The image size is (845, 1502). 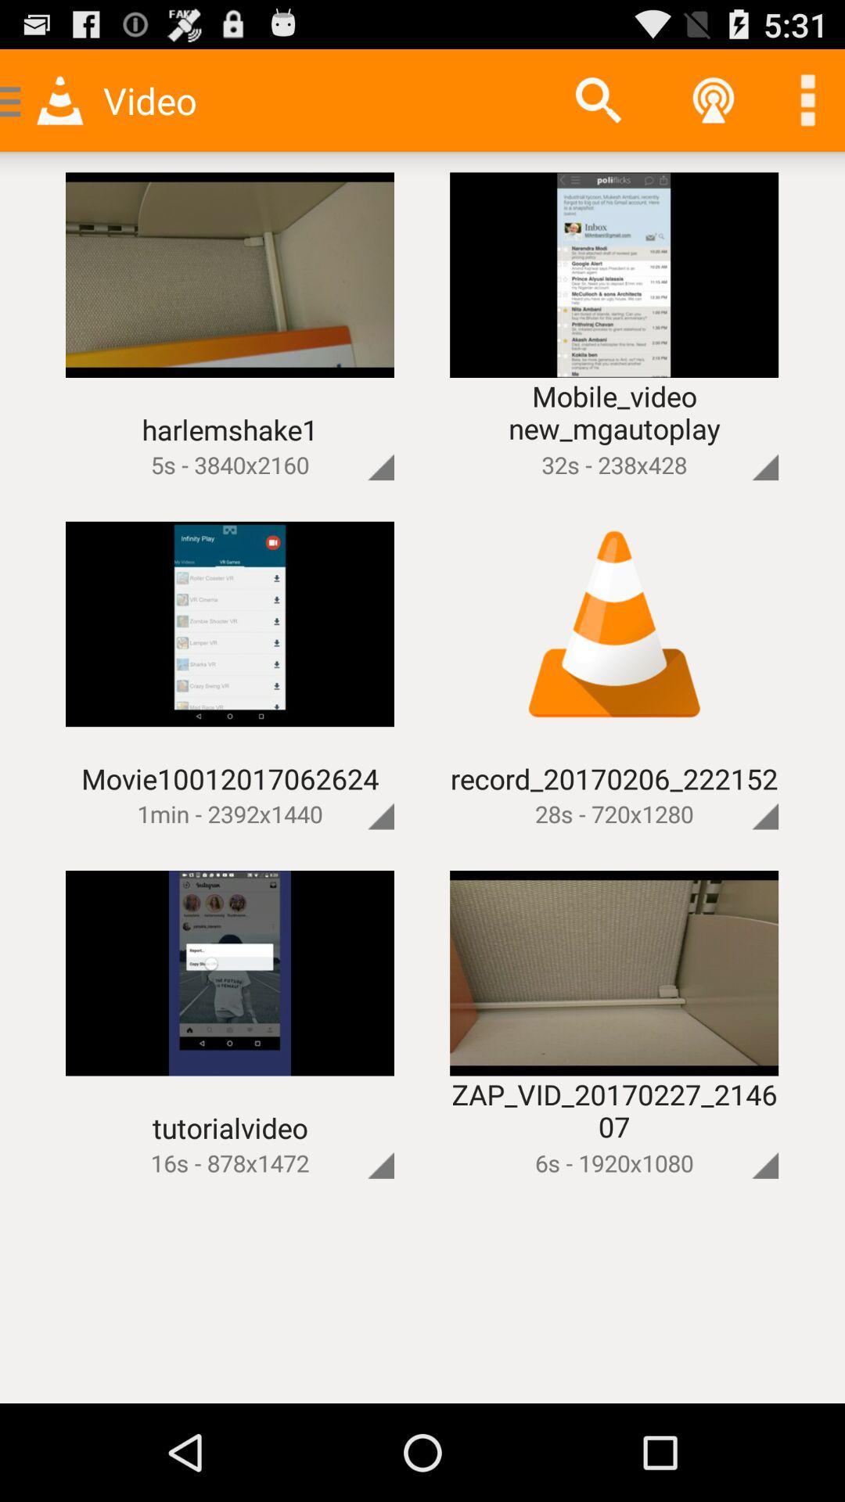 I want to click on open video, so click(x=739, y=789).